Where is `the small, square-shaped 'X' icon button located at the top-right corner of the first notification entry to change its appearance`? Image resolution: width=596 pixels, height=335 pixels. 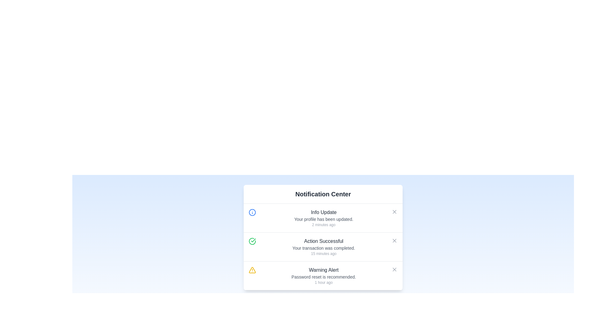
the small, square-shaped 'X' icon button located at the top-right corner of the first notification entry to change its appearance is located at coordinates (394, 211).